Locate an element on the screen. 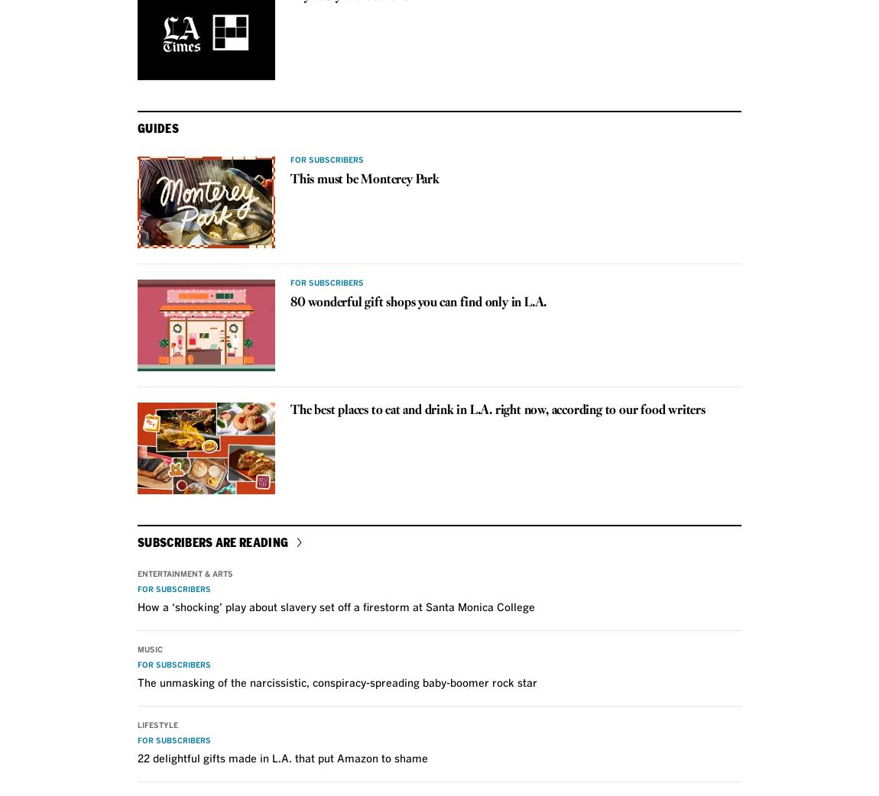 This screenshot has height=796, width=879. 'Music' is located at coordinates (149, 649).